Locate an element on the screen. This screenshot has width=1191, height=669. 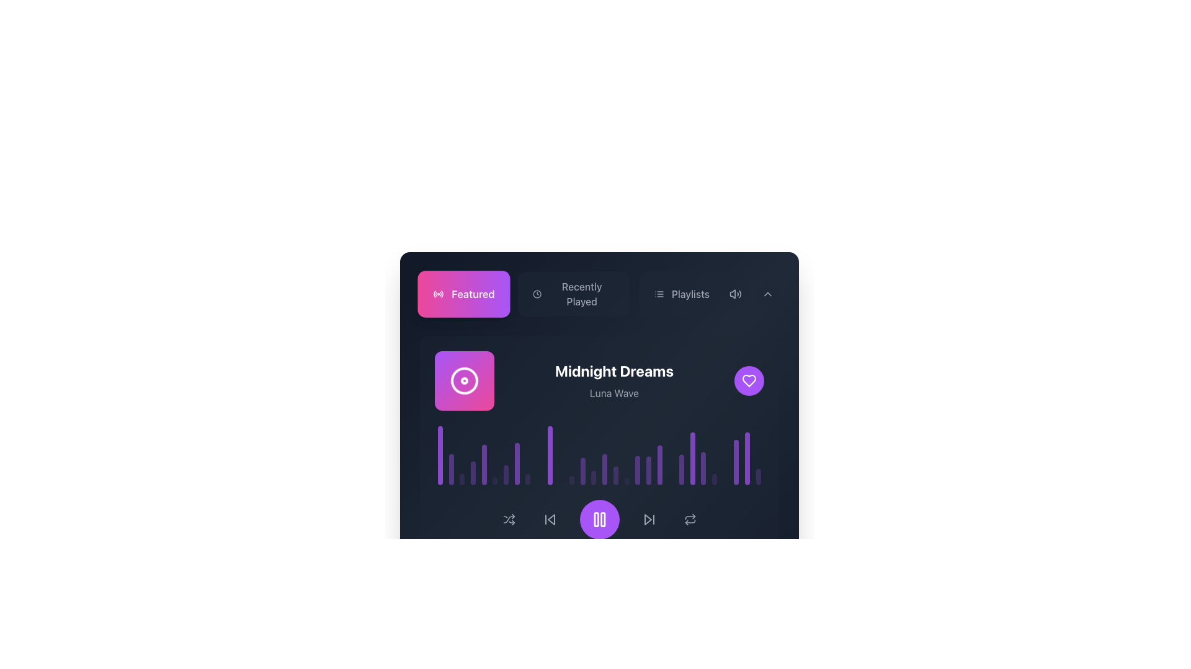
the central text label that serves as the title for the highlighted content, located above the 'Luna Wave' text and aligned with visual items such as the circular image icon and heart icon is located at coordinates (614, 370).